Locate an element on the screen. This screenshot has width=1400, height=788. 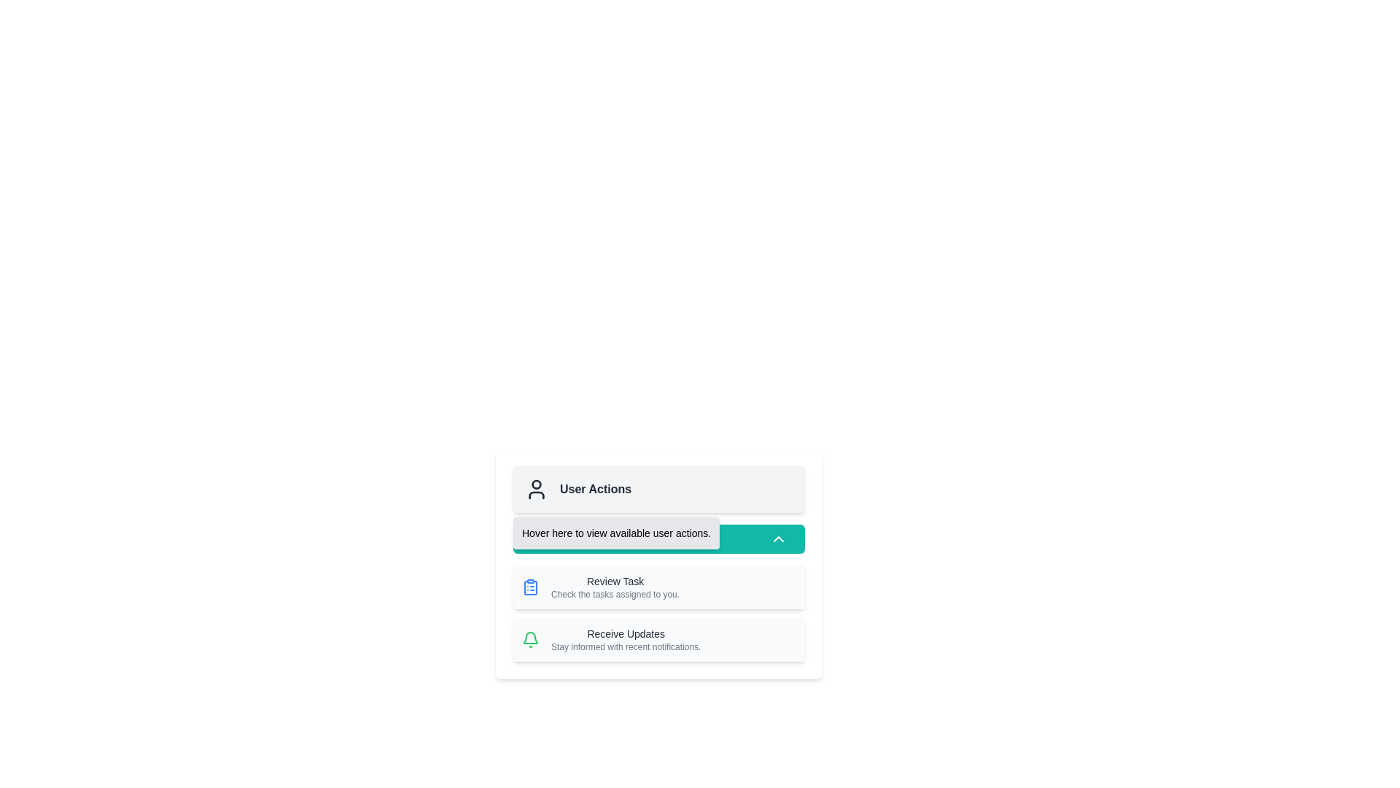
the text label with tooltip functionality hint that says 'Hover here is located at coordinates (616, 533).